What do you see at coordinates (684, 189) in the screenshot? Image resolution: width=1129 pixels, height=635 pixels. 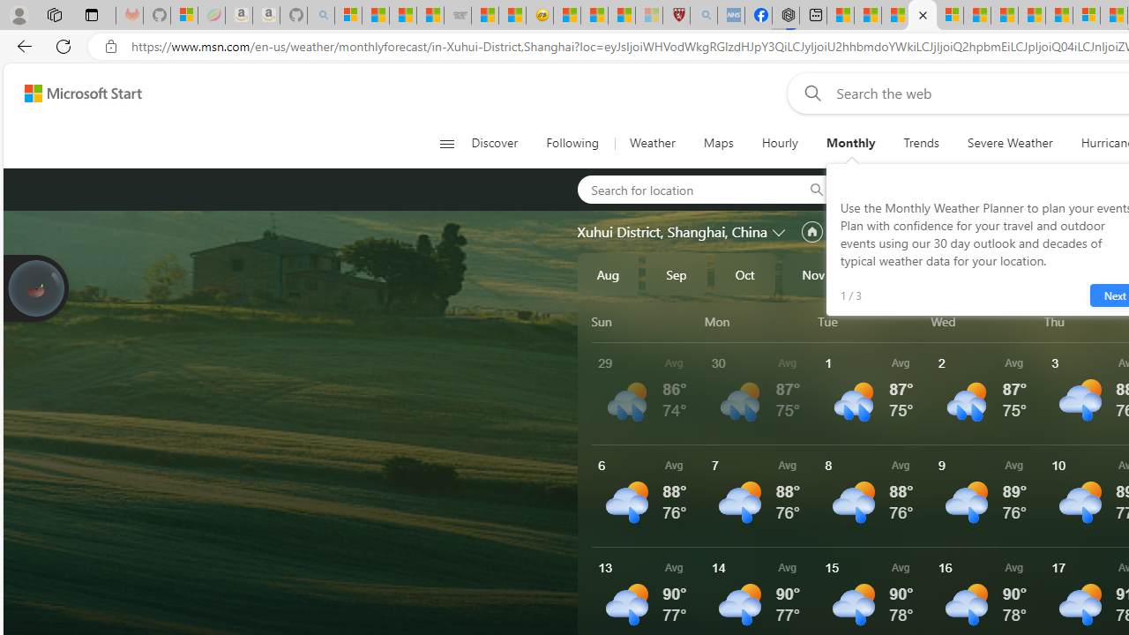 I see `'Search for location'` at bounding box center [684, 189].